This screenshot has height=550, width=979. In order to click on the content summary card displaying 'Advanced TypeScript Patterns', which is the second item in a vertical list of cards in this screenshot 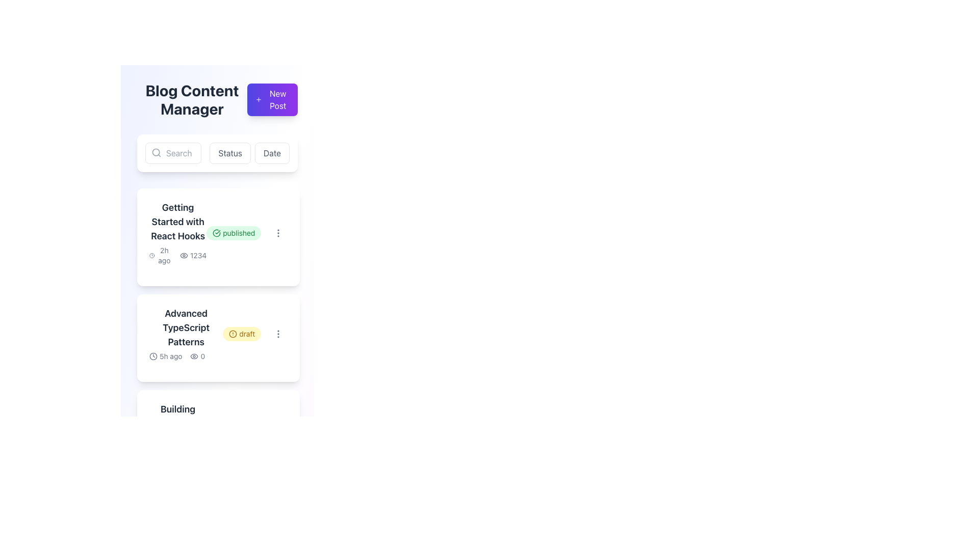, I will do `click(218, 334)`.